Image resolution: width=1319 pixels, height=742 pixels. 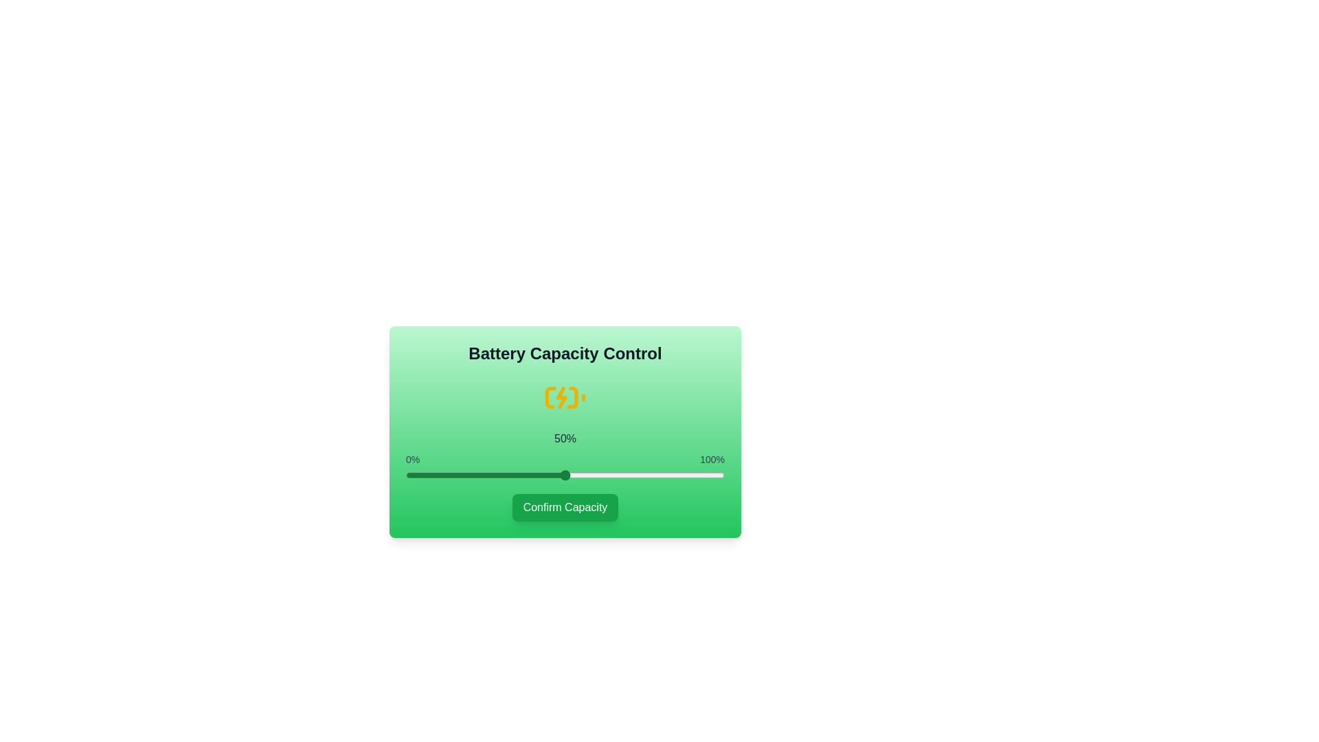 What do you see at coordinates (473, 474) in the screenshot?
I see `the battery capacity slider to 21% to observe the icon change` at bounding box center [473, 474].